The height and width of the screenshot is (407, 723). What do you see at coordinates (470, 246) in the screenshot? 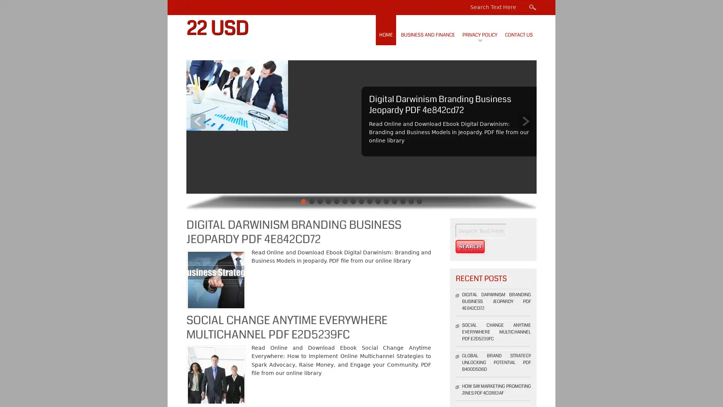
I see `Search` at bounding box center [470, 246].